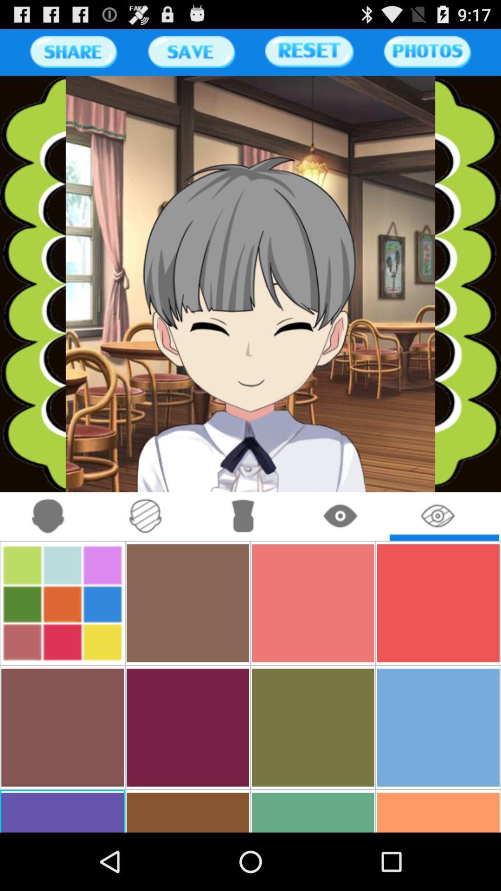 The image size is (501, 891). What do you see at coordinates (146, 516) in the screenshot?
I see `head type` at bounding box center [146, 516].